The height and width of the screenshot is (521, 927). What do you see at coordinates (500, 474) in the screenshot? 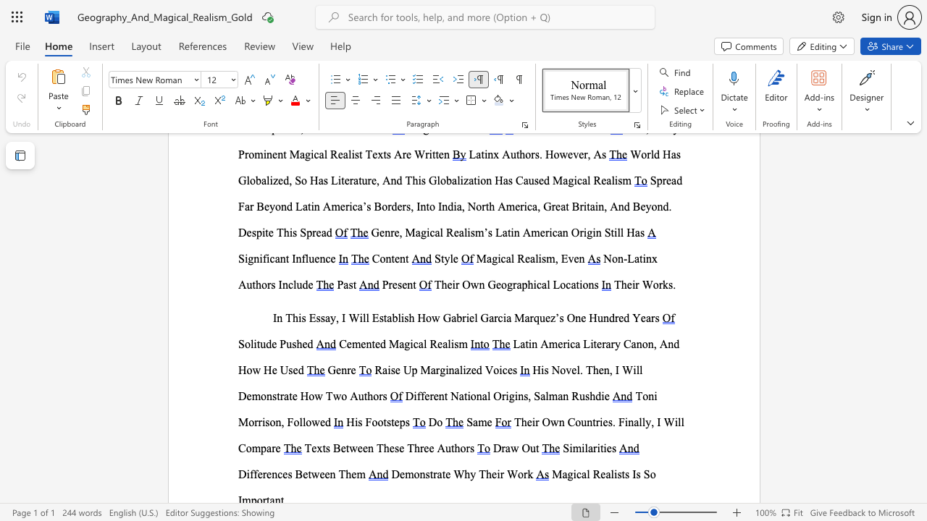
I see `the subset text "r W" within the text "Demonstrate Why Their Work"` at bounding box center [500, 474].